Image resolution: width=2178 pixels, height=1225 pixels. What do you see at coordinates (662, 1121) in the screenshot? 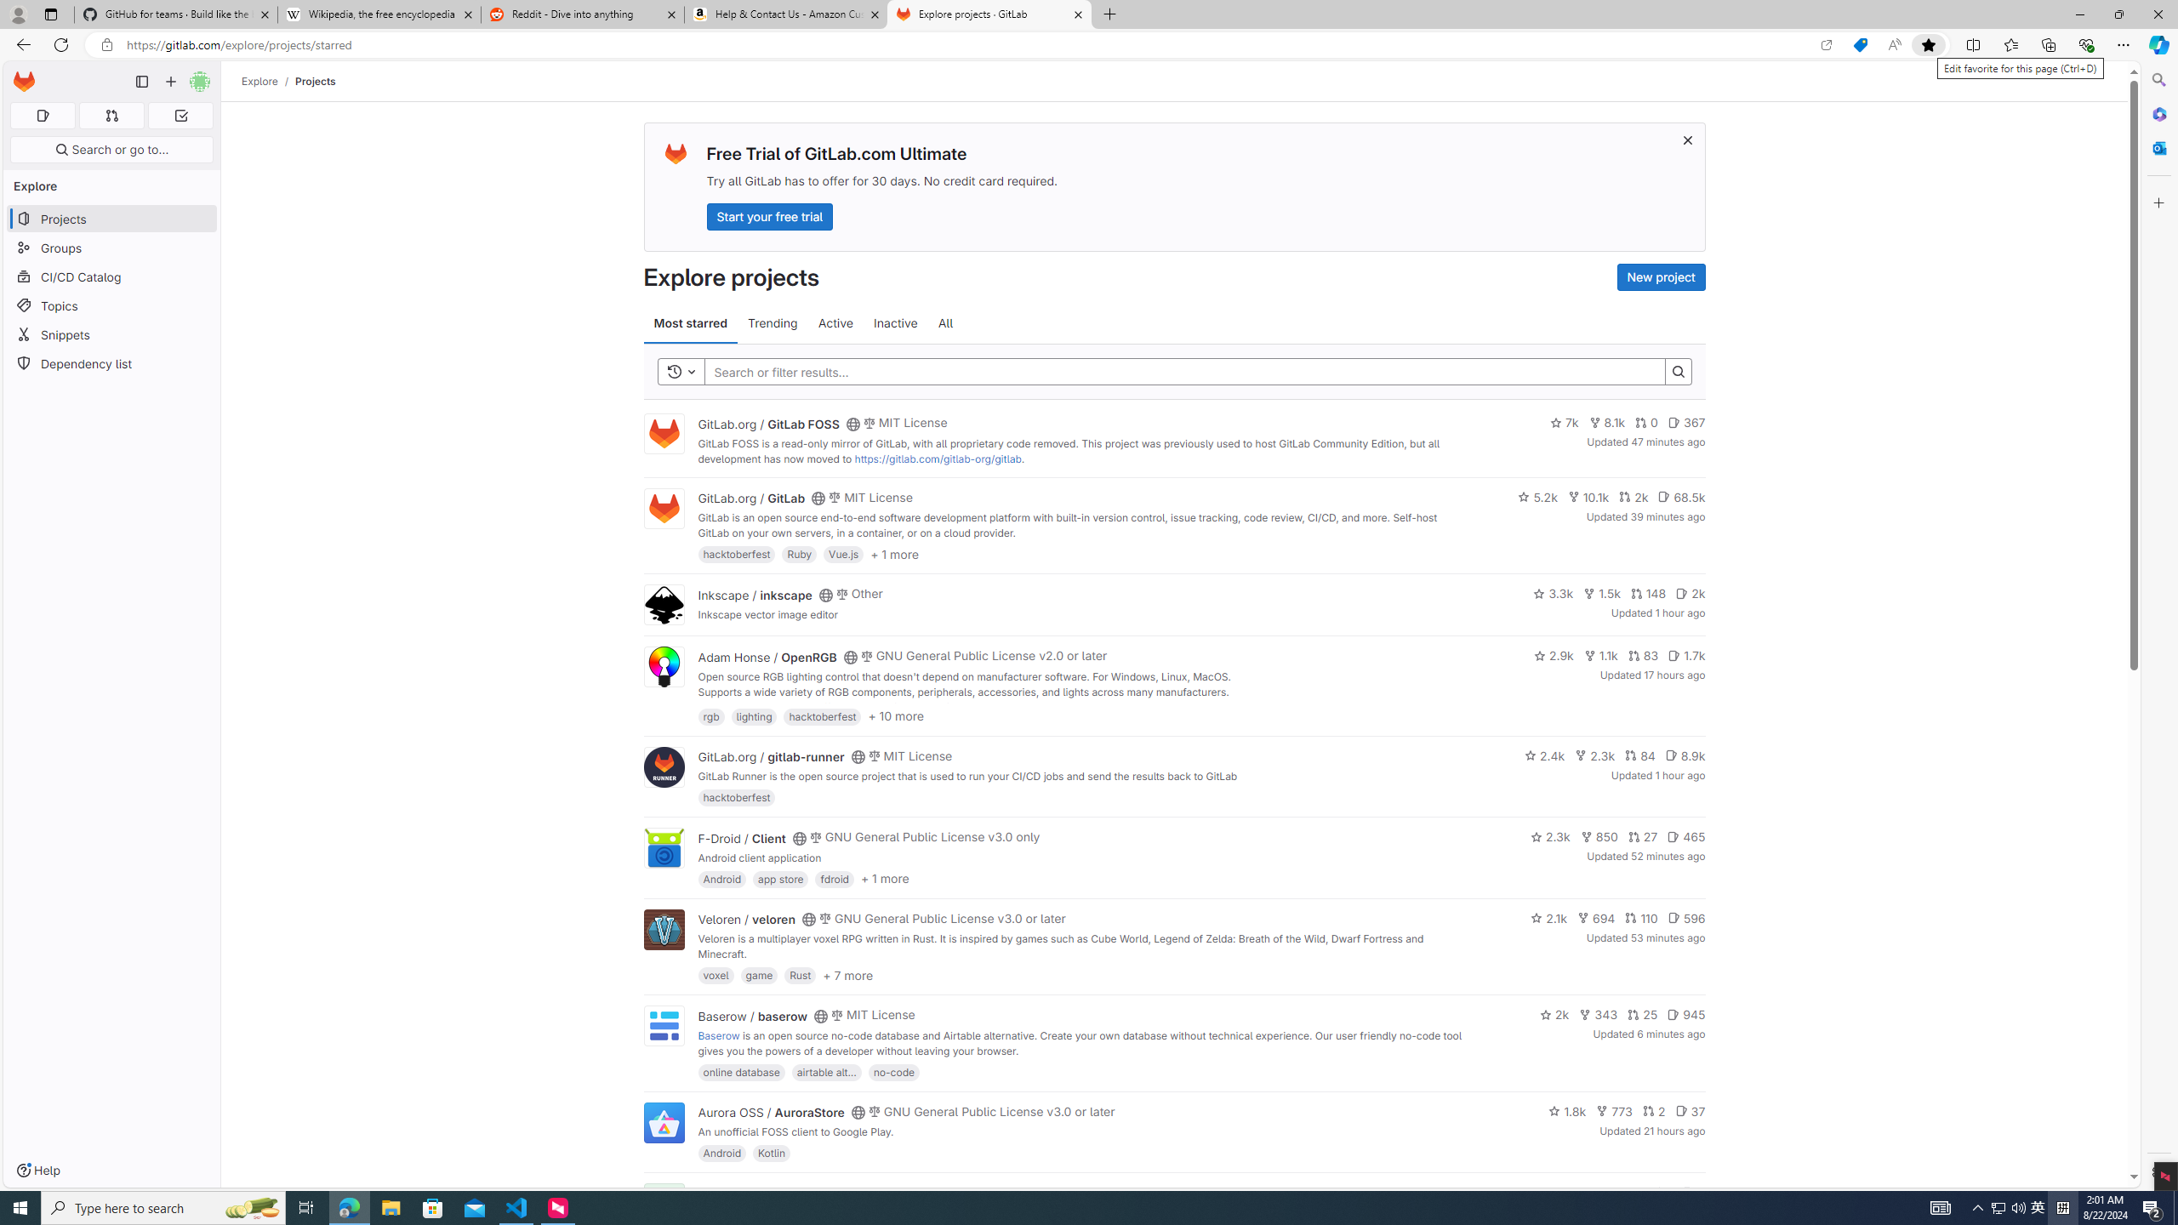
I see `'Class: project'` at bounding box center [662, 1121].